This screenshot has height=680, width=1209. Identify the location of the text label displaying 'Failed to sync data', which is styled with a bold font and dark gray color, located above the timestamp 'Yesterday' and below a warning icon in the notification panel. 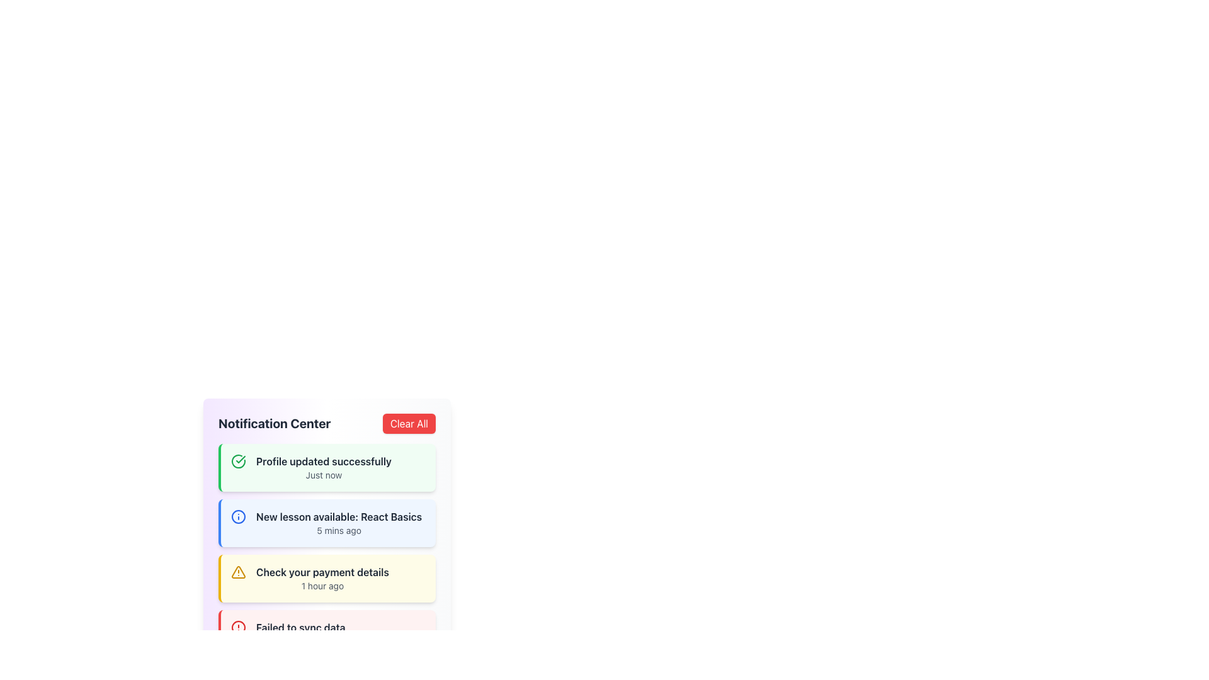
(300, 627).